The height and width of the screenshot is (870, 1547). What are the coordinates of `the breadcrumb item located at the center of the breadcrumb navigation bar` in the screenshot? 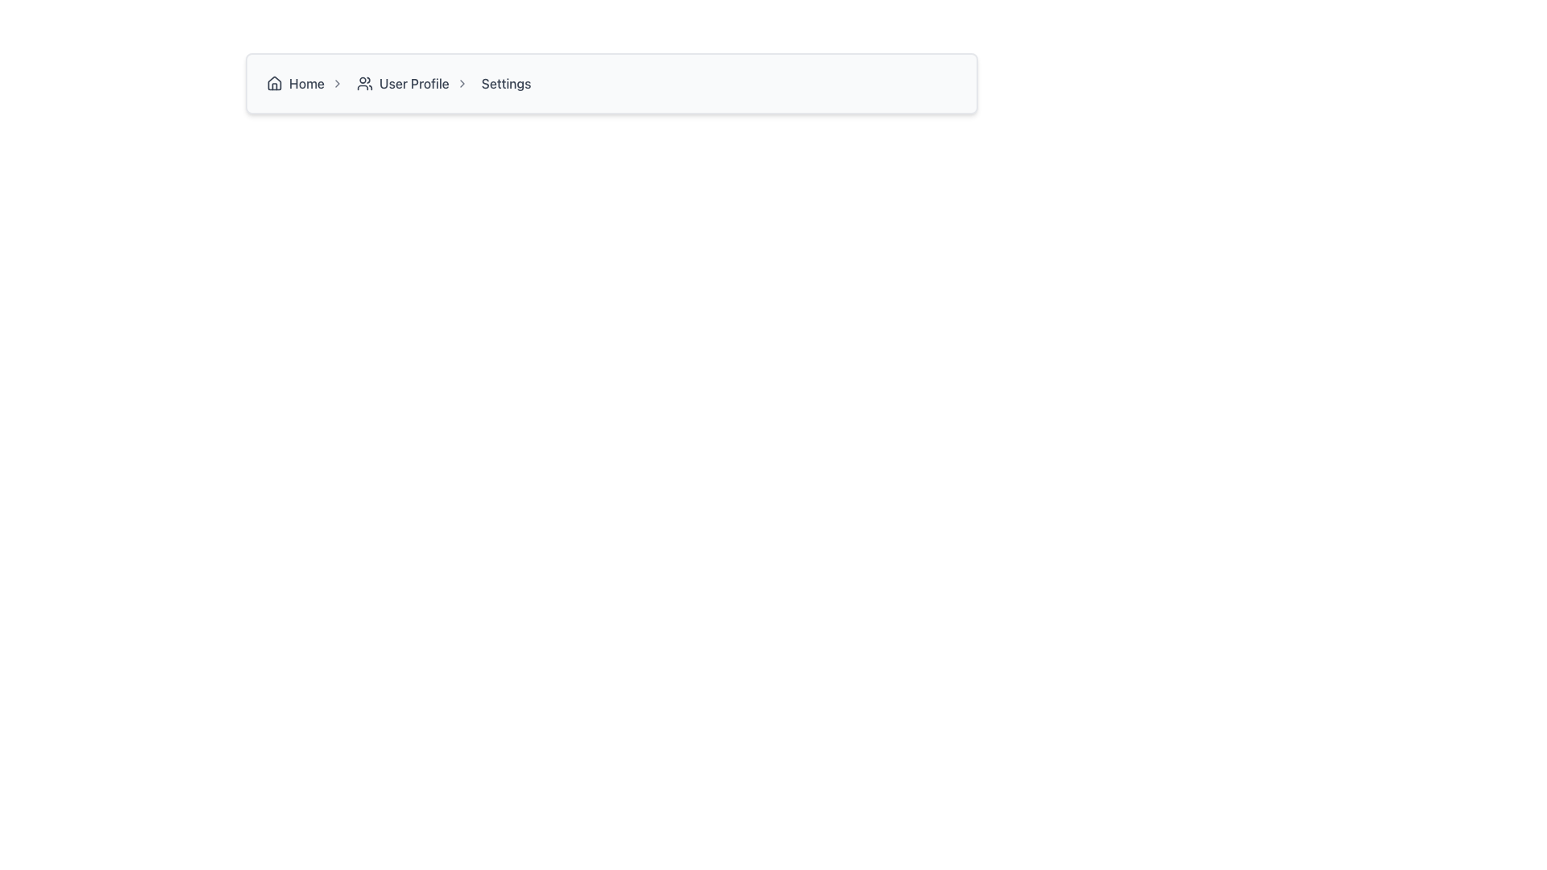 It's located at (611, 84).